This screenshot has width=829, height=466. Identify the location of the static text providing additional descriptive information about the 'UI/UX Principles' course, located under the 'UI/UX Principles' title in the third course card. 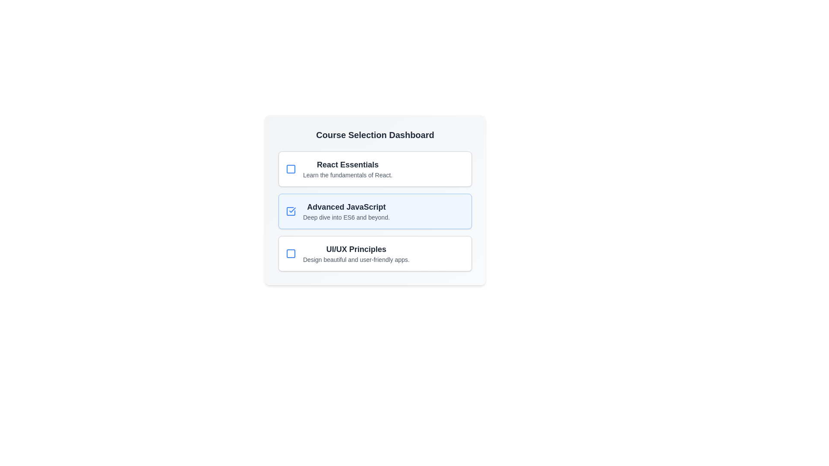
(356, 259).